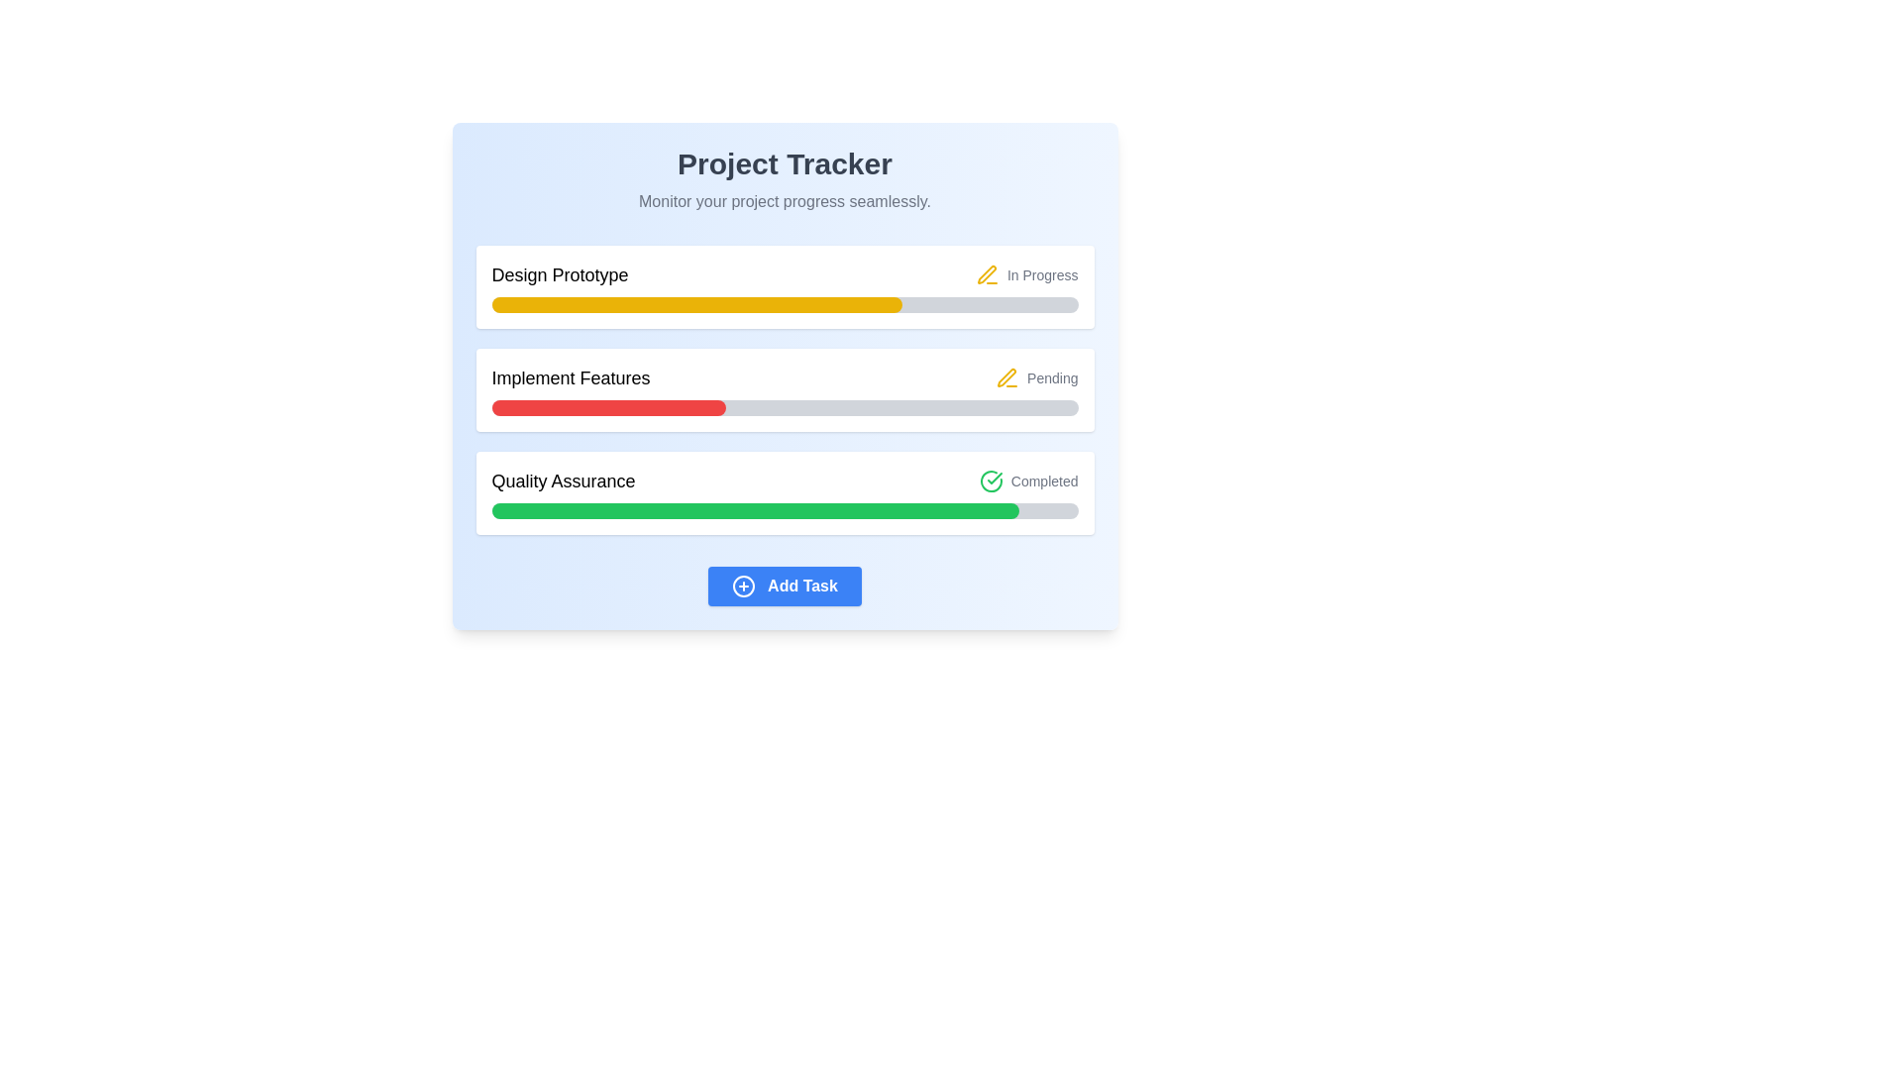 The width and height of the screenshot is (1902, 1070). I want to click on the 'Pending' status indicator text, which is styled in gray and has a yellow pen-shaped icon adjacent to it, located to the right of the 'Implement Features' task title in the task list, so click(1035, 377).